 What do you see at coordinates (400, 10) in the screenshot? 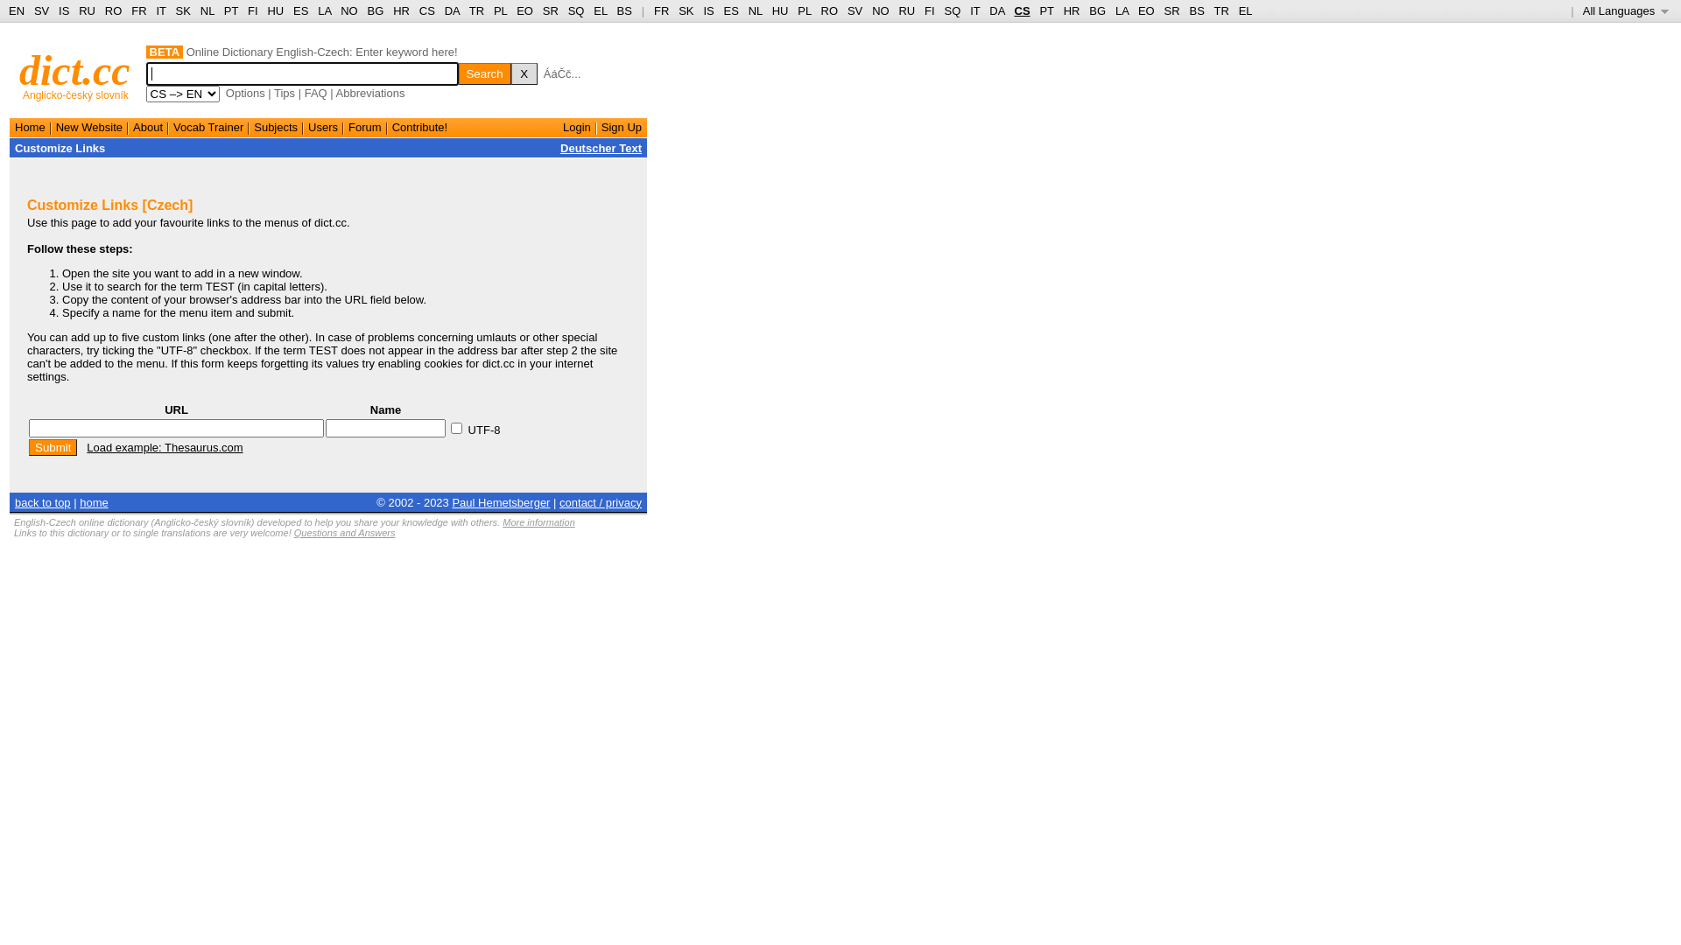
I see `'HR'` at bounding box center [400, 10].